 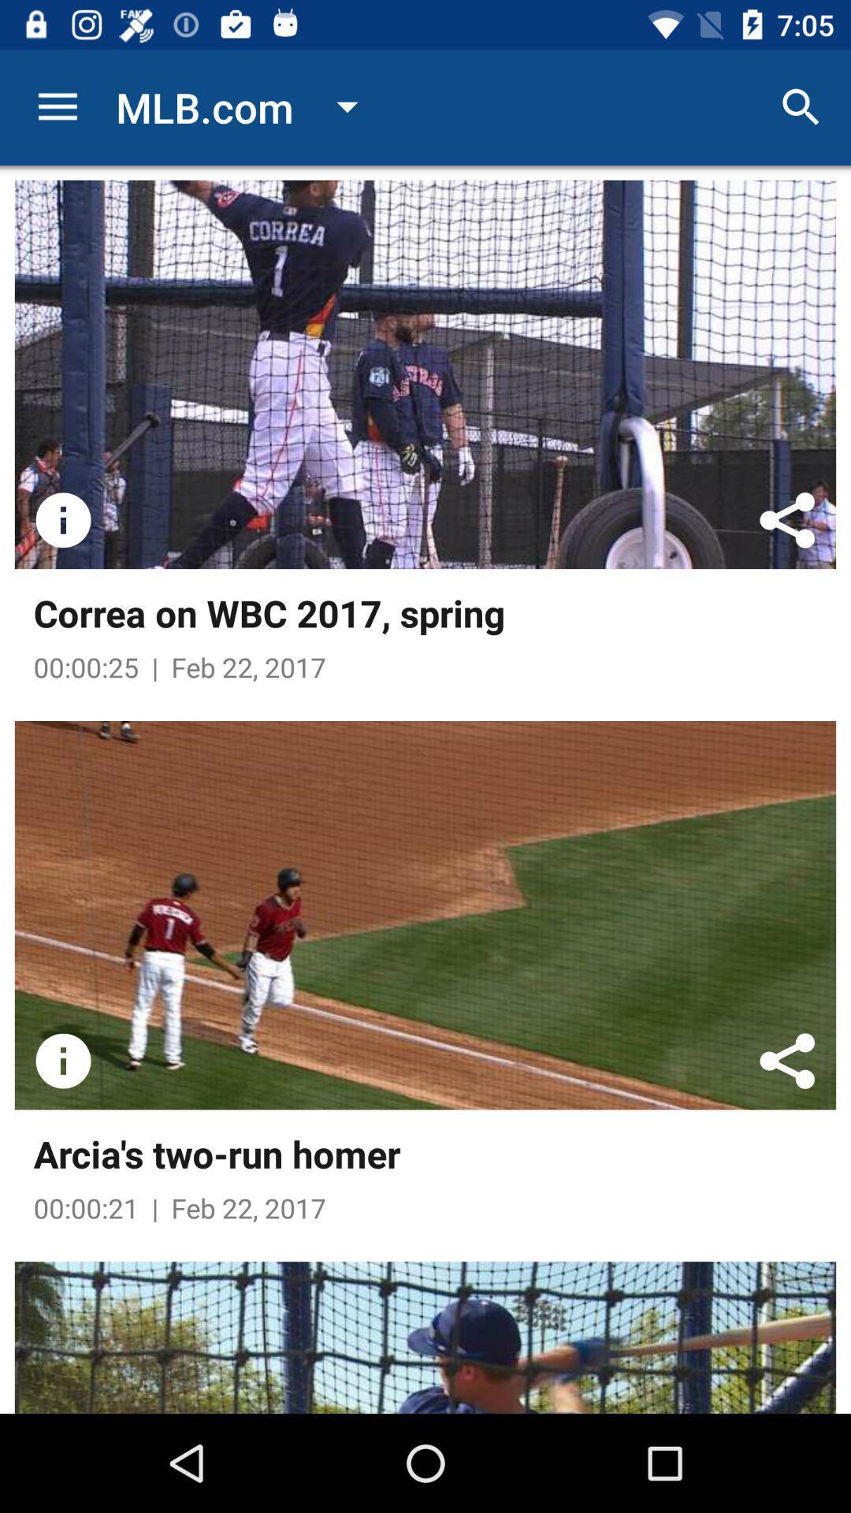 I want to click on share page, so click(x=787, y=1061).